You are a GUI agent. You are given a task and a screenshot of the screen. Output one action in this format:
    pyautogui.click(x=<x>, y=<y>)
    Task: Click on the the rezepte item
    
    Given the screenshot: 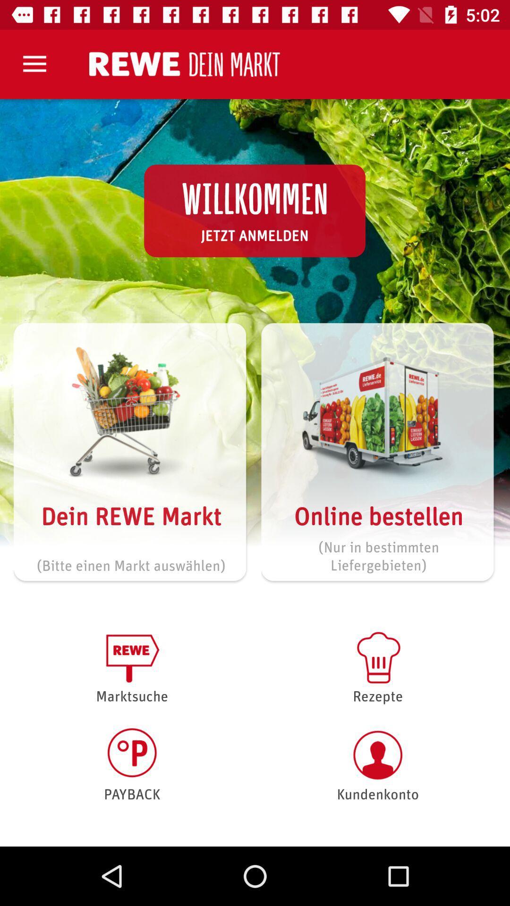 What is the action you would take?
    pyautogui.click(x=377, y=666)
    